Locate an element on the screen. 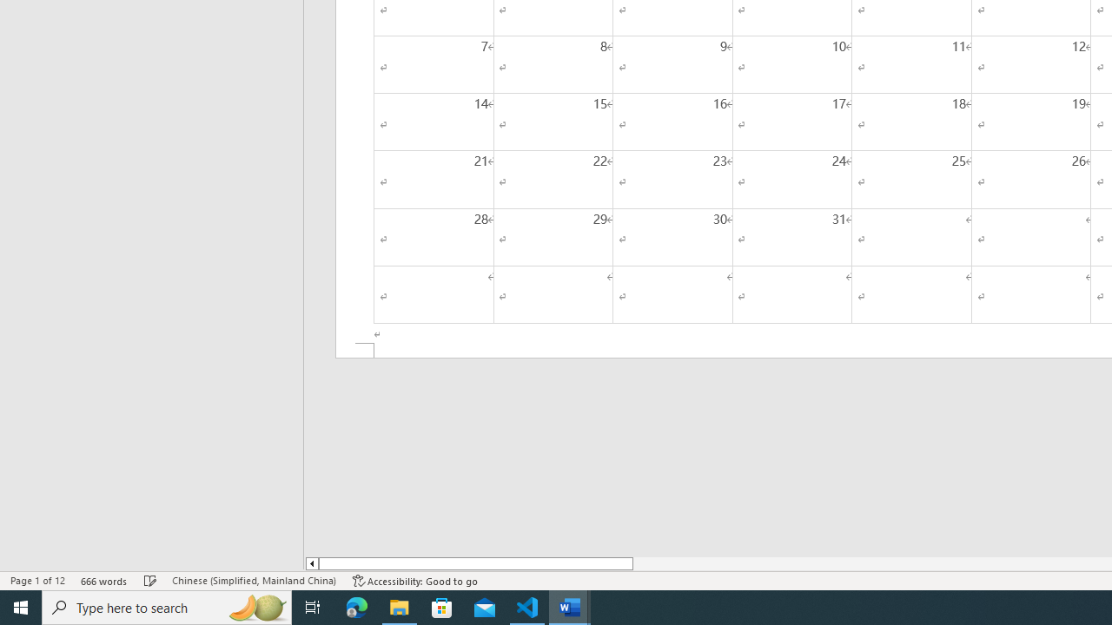  'Language Chinese (Simplified, Mainland China)' is located at coordinates (253, 581).